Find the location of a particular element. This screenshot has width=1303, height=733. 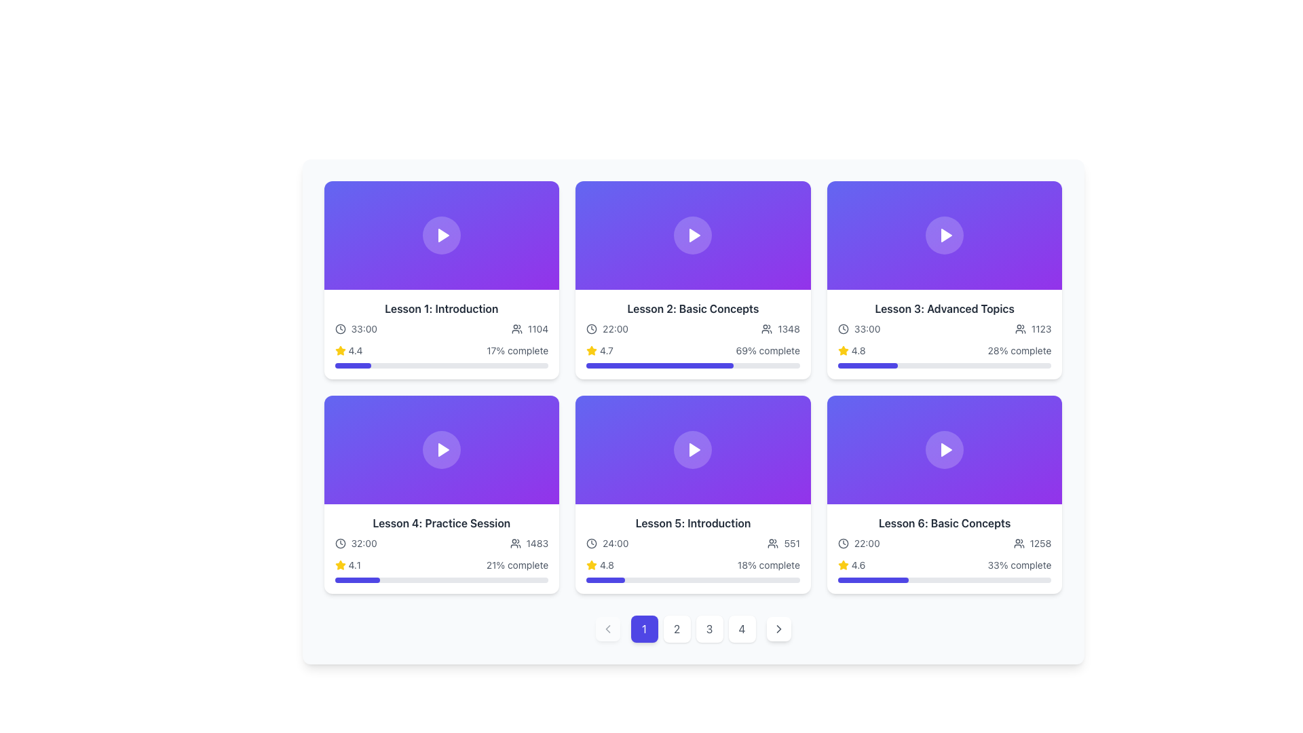

the pagination button group that displays the numerical range '1234' is located at coordinates (693, 628).